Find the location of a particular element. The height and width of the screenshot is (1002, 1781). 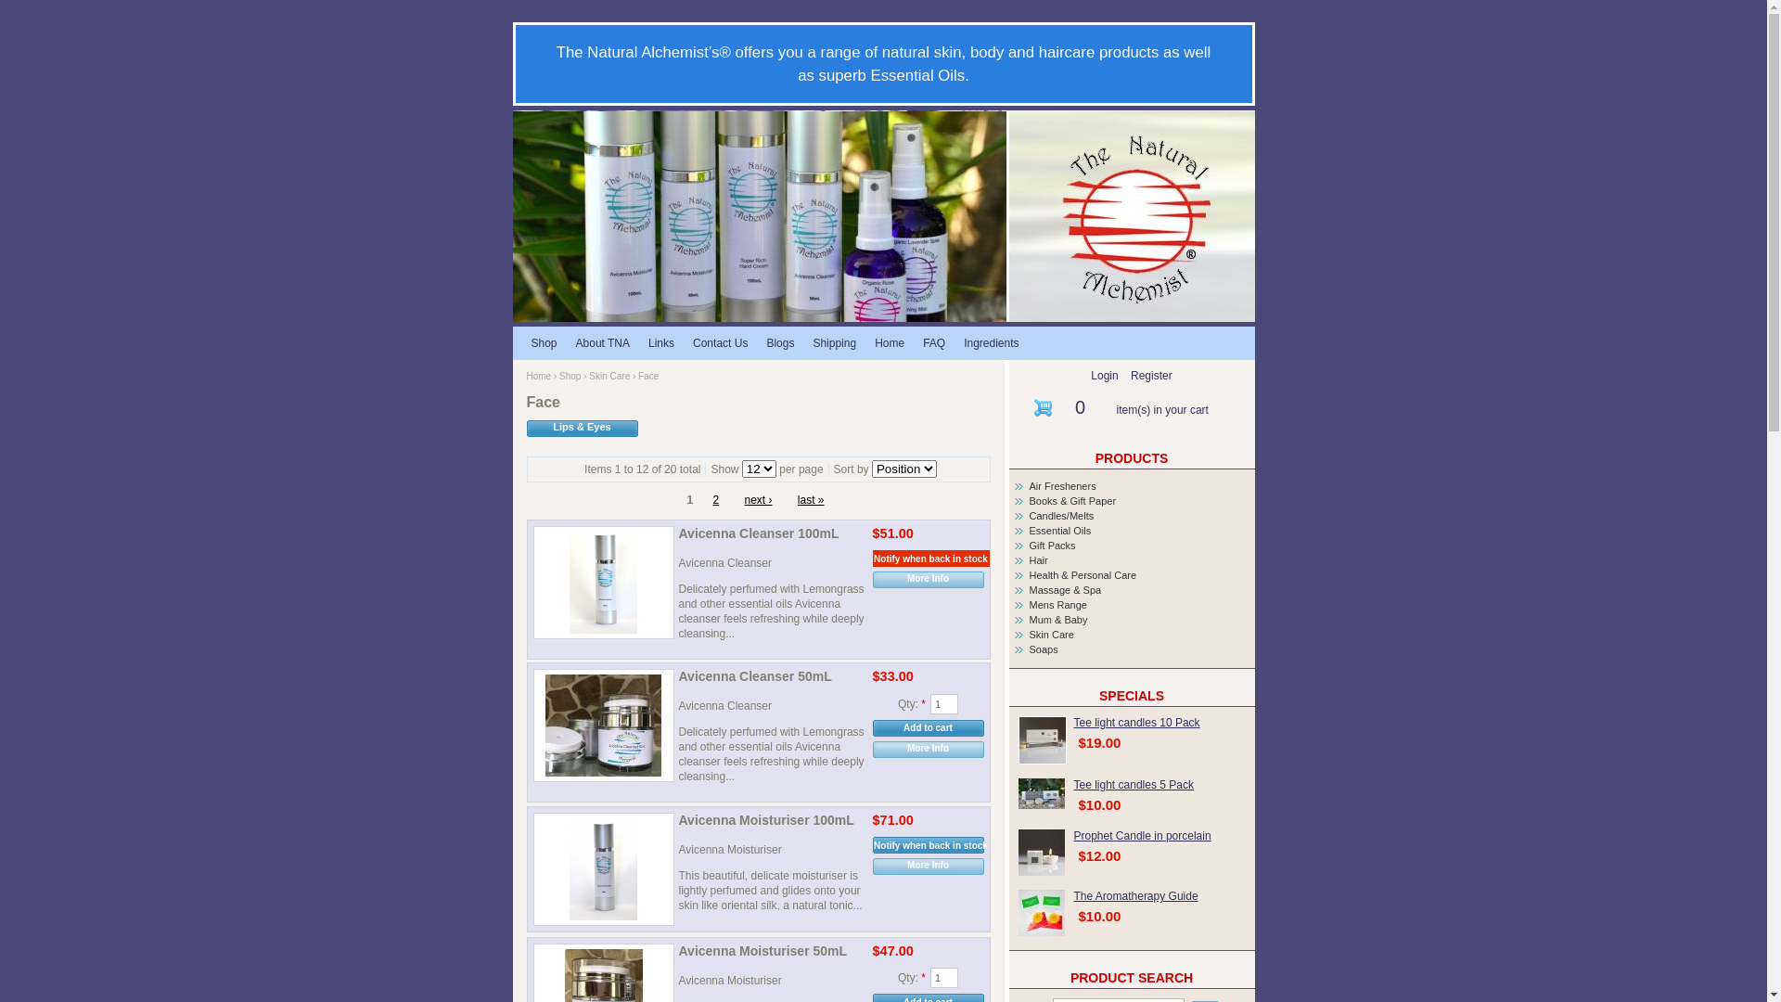

'Gift Packs' is located at coordinates (1052, 544).